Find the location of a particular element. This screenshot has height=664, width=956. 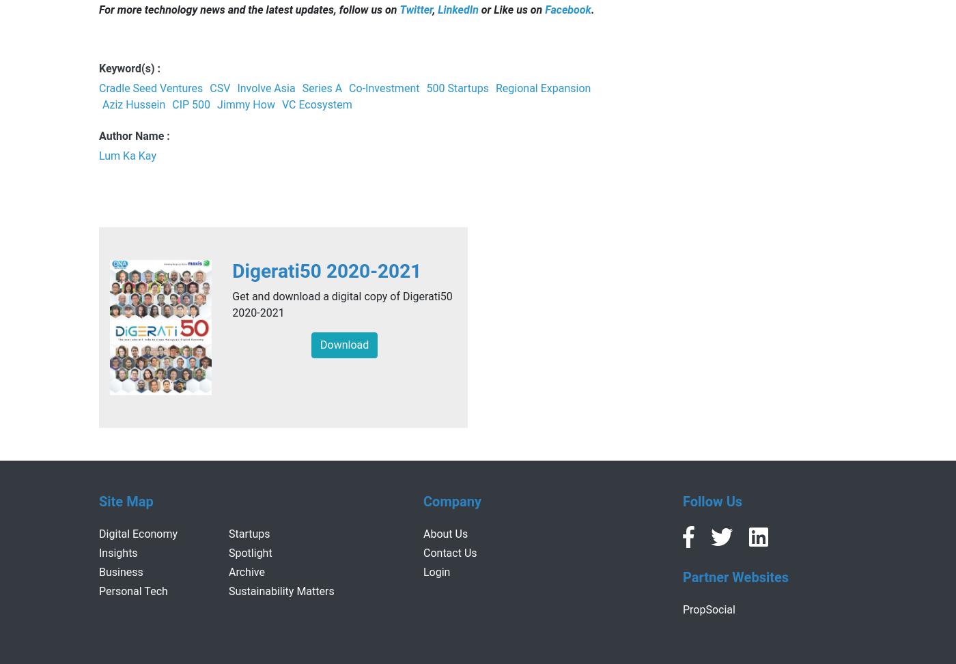

'Follow Us' is located at coordinates (712, 501).